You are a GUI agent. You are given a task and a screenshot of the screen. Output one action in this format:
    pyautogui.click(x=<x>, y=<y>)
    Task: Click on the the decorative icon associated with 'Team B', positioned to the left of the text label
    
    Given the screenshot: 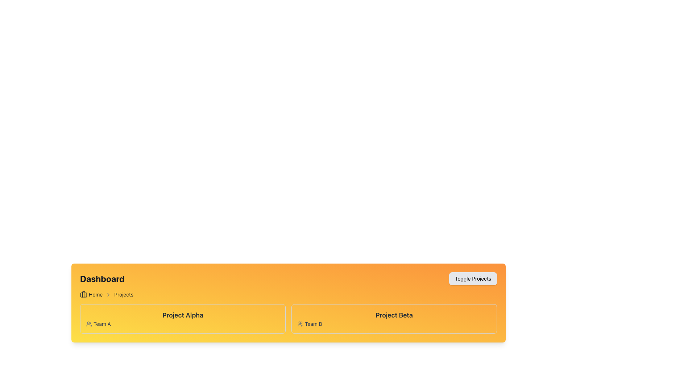 What is the action you would take?
    pyautogui.click(x=301, y=323)
    